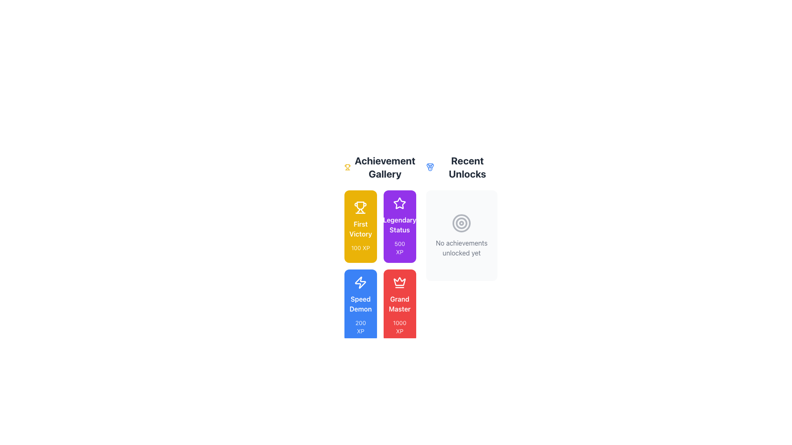 Image resolution: width=792 pixels, height=445 pixels. I want to click on the 'First Victory' achievement card in the 'Achievement Gallery' section, so click(361, 227).